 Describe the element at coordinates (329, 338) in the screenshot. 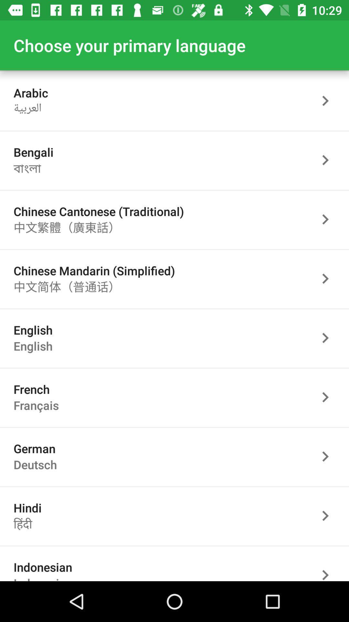

I see `set english as primary language` at that location.